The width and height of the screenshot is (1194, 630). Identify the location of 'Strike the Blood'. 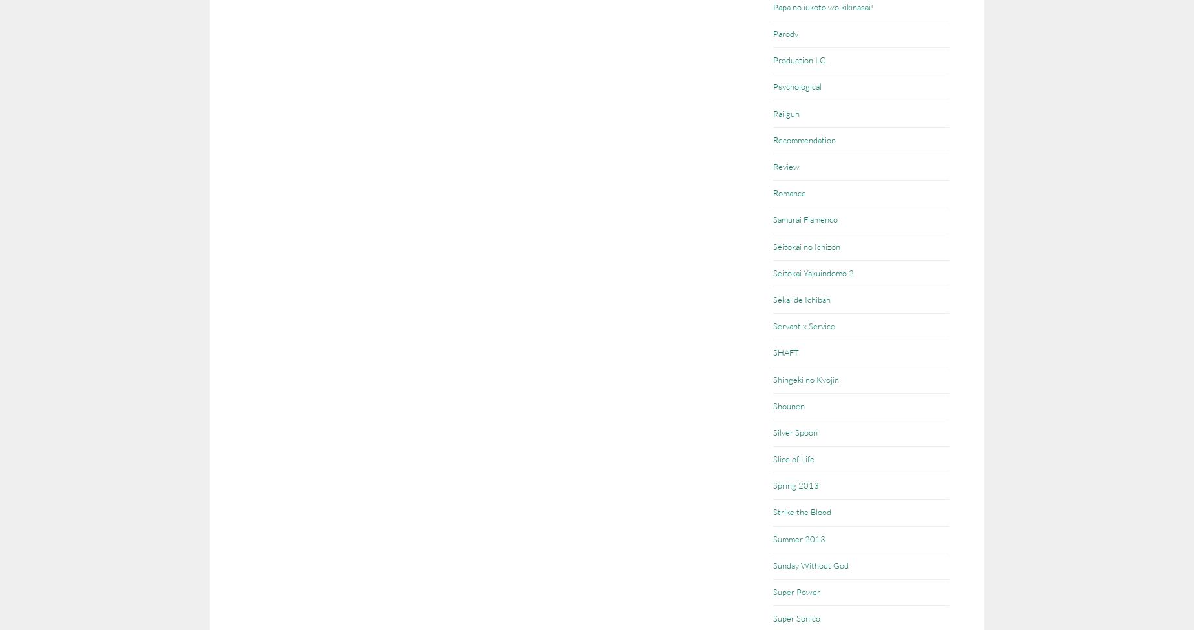
(773, 512).